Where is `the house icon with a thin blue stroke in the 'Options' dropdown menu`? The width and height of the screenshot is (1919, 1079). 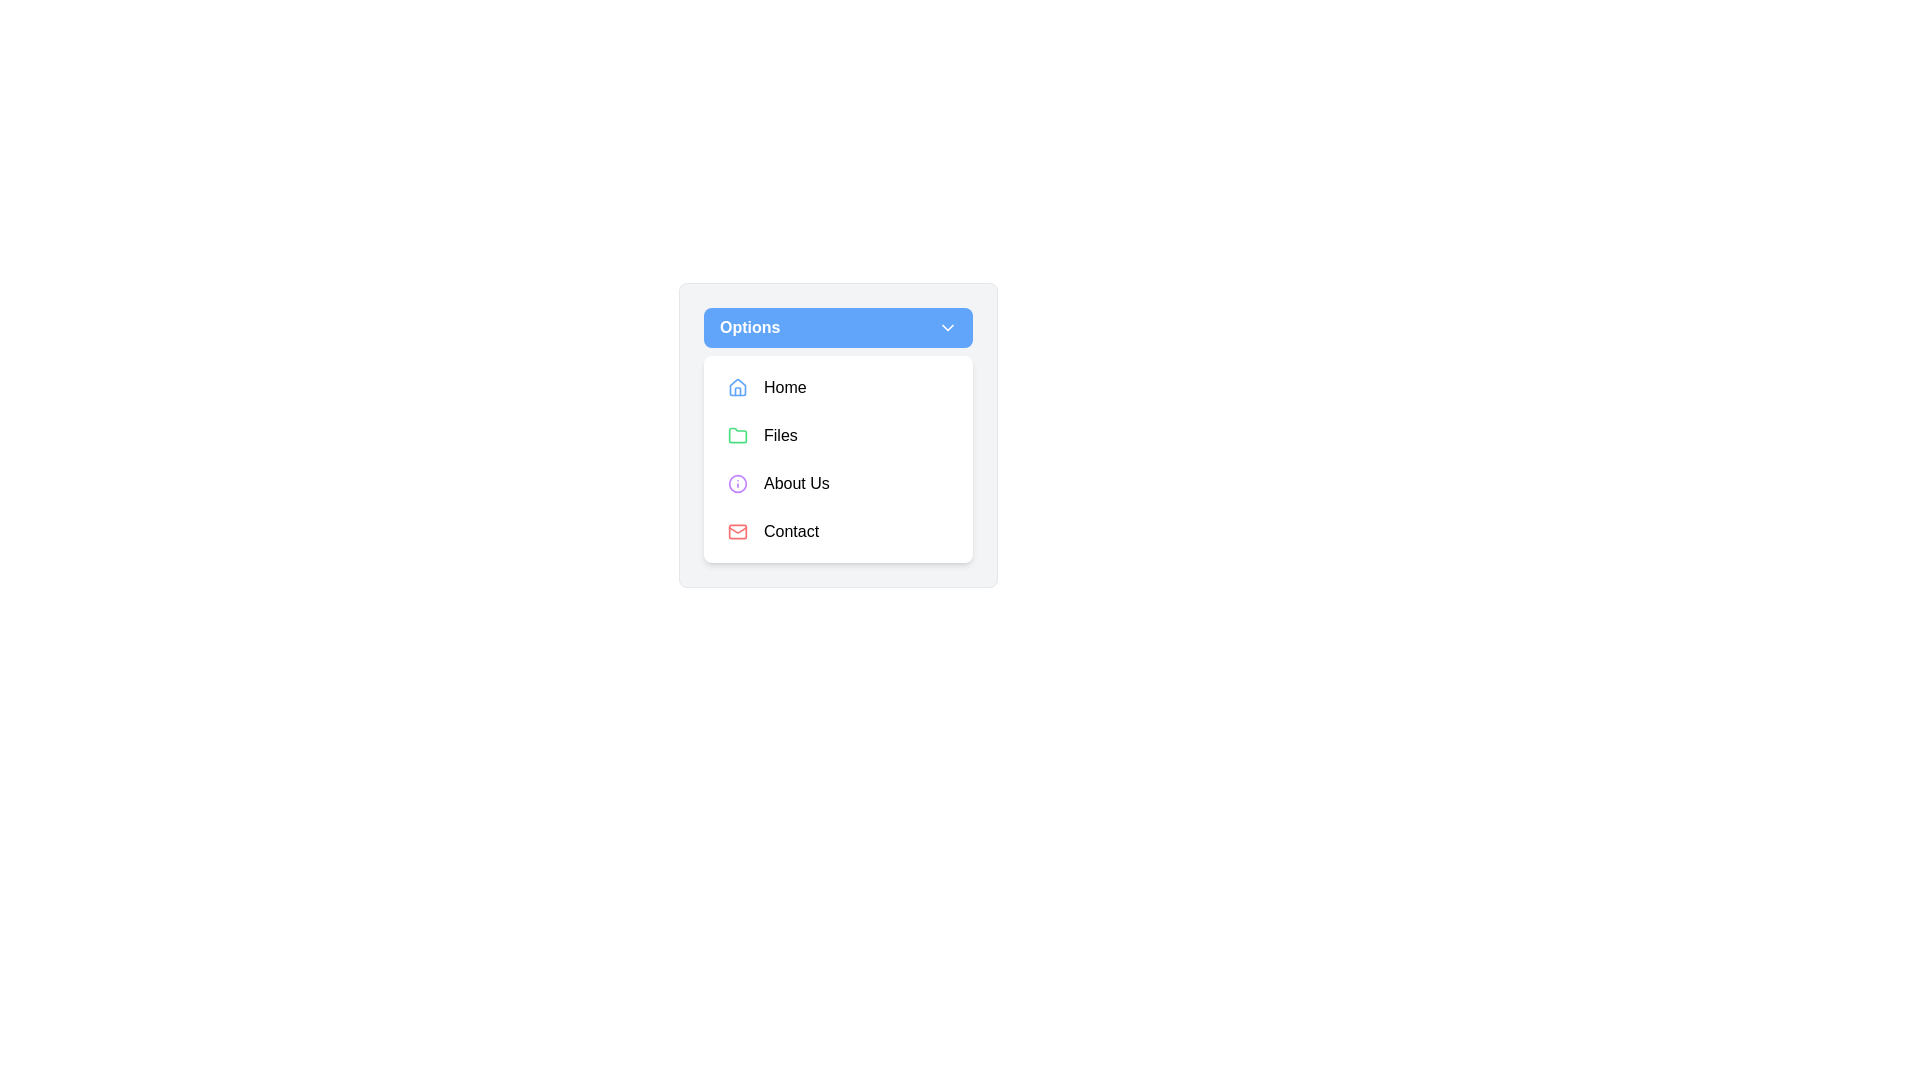 the house icon with a thin blue stroke in the 'Options' dropdown menu is located at coordinates (737, 386).